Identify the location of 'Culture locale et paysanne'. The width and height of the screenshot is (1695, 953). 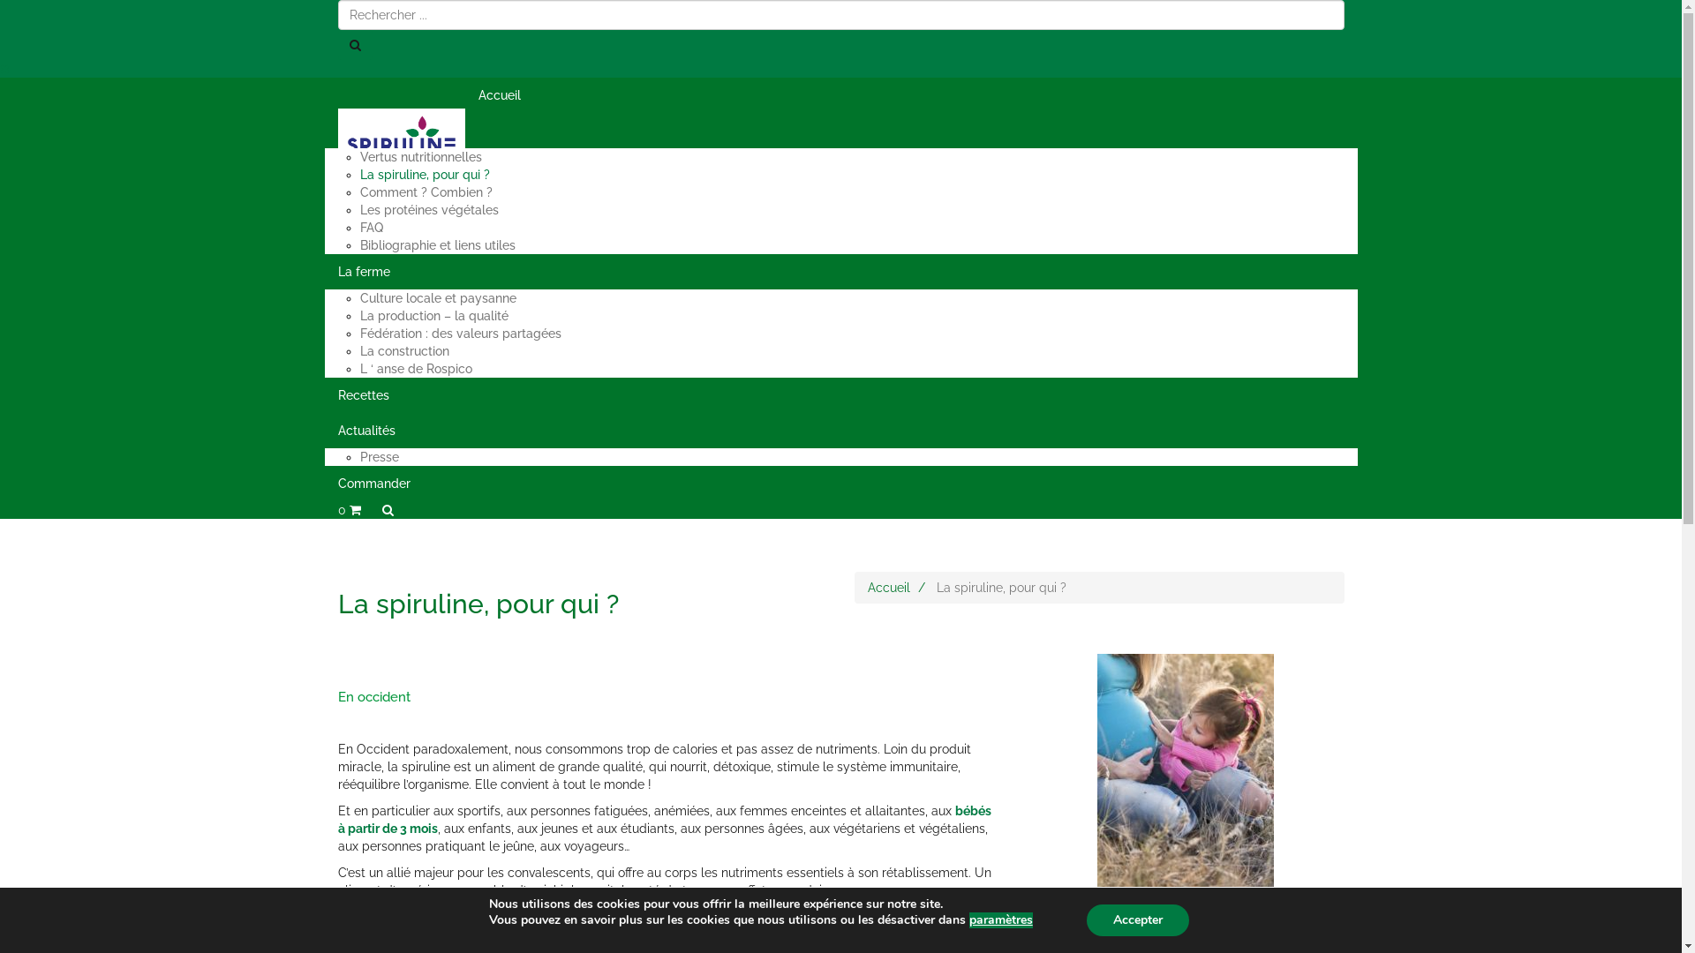
(438, 297).